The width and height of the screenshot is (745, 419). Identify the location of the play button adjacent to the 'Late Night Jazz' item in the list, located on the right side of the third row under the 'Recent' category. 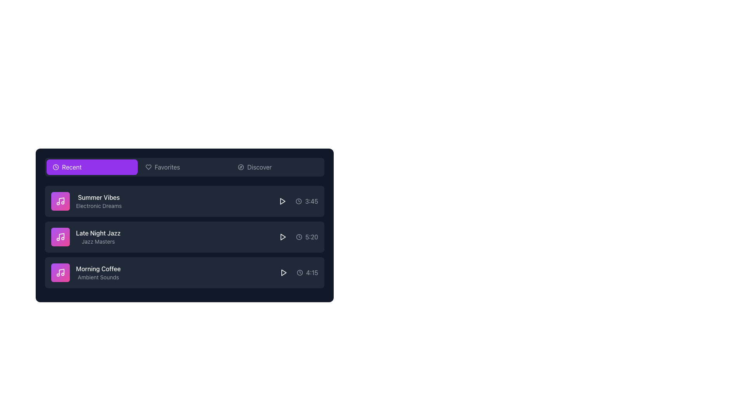
(296, 236).